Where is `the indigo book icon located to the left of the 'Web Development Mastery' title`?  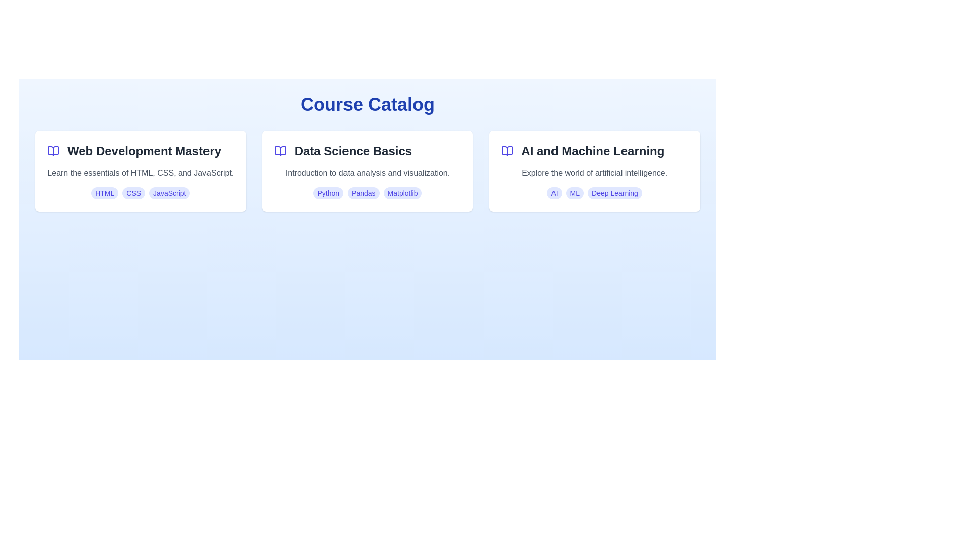
the indigo book icon located to the left of the 'Web Development Mastery' title is located at coordinates (52, 151).